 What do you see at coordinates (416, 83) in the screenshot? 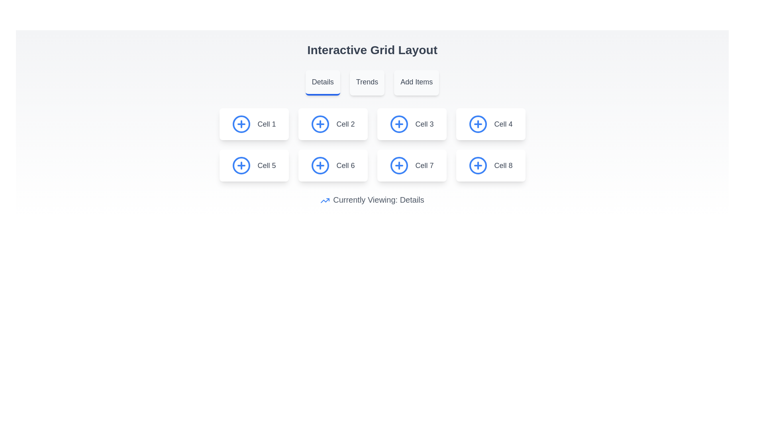
I see `the 'Add Items' button, which is the third button in a series beneath the 'Interactive Grid Layout' heading` at bounding box center [416, 83].